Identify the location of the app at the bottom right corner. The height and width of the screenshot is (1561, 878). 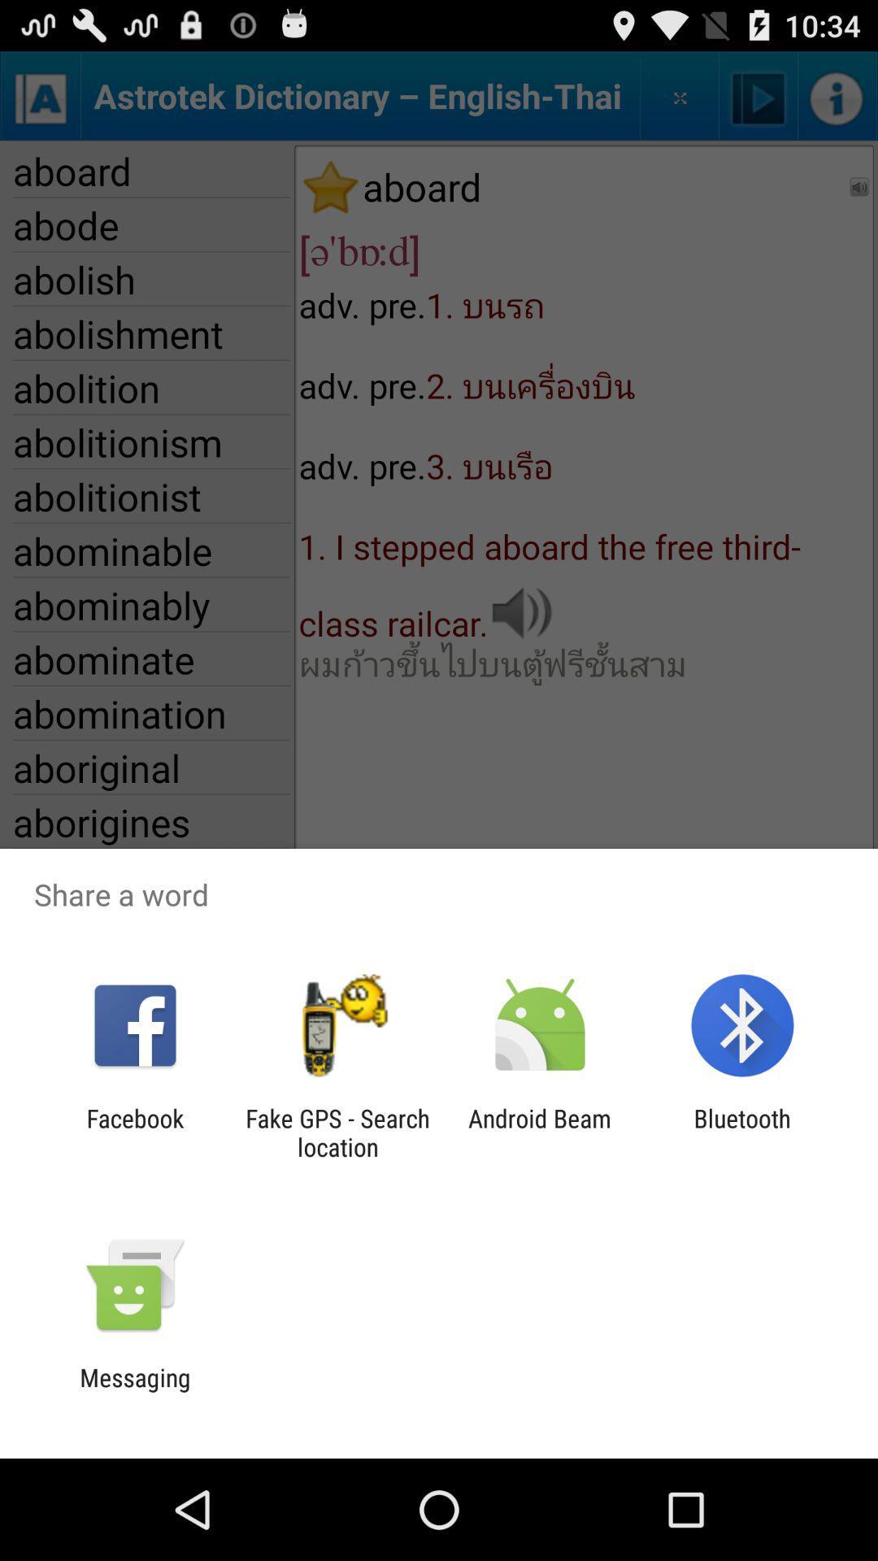
(742, 1132).